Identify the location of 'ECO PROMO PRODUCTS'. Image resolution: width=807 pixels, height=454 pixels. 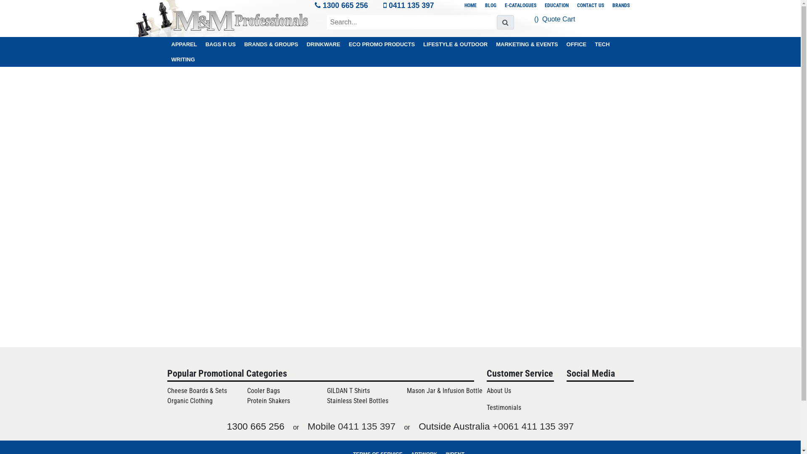
(381, 44).